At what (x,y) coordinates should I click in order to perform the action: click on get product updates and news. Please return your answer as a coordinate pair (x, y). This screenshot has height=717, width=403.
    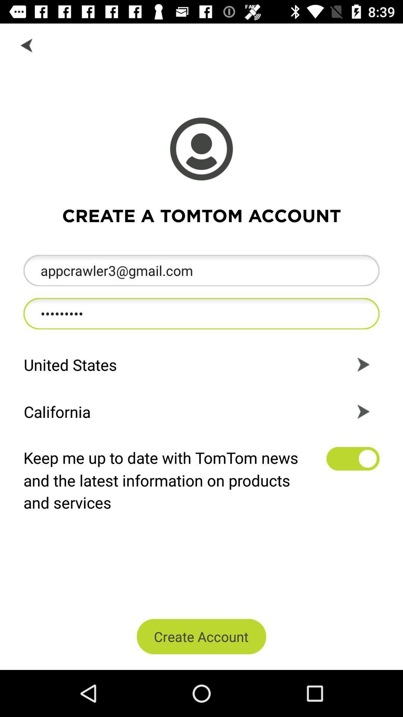
    Looking at the image, I should click on (353, 458).